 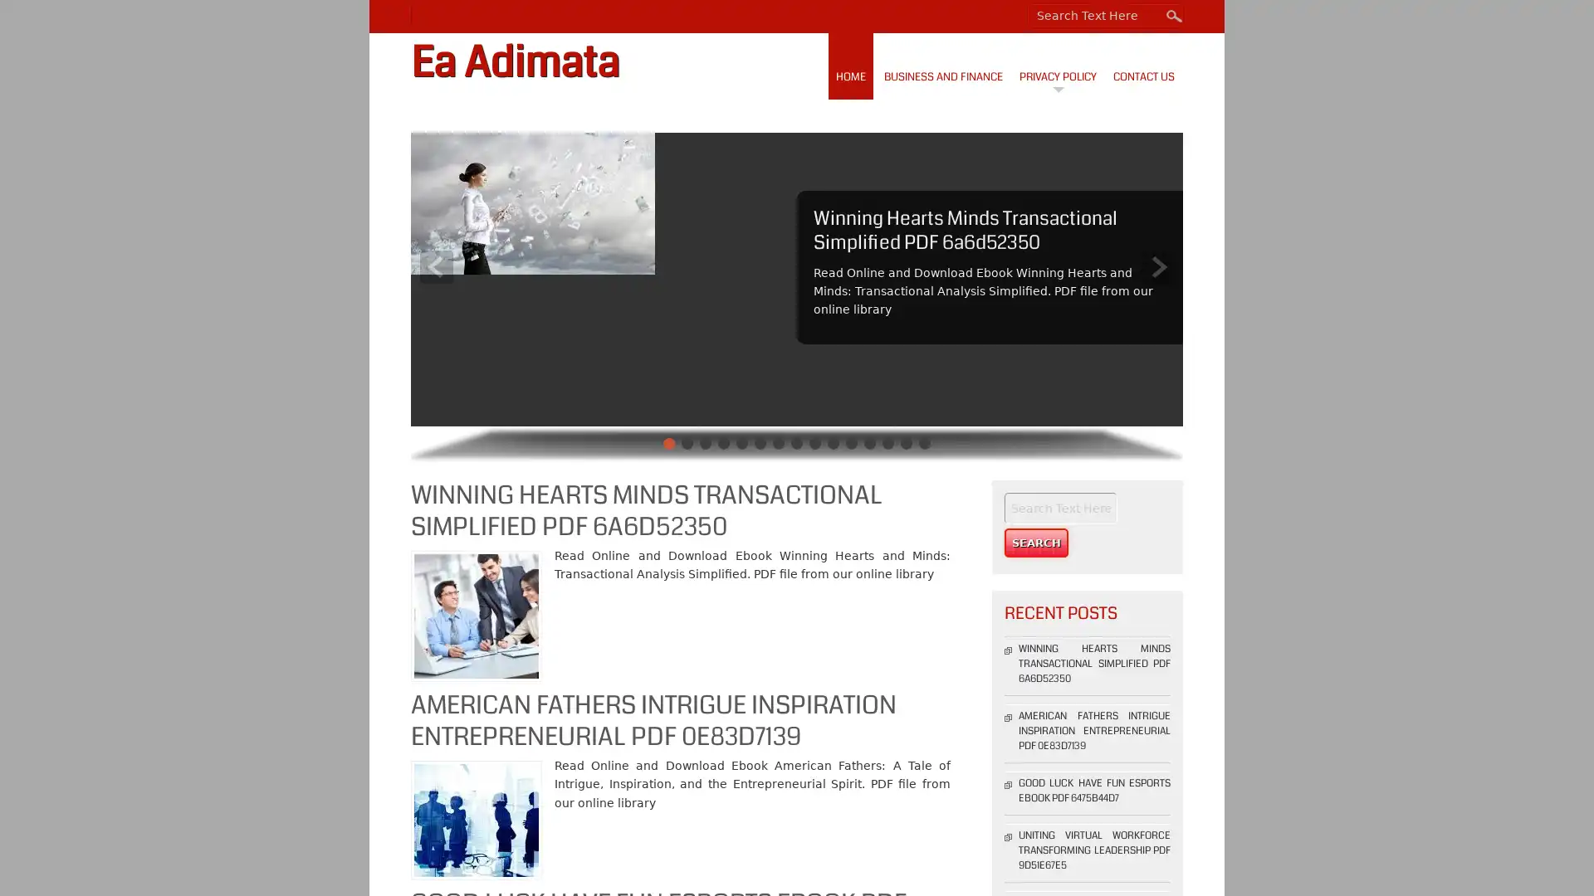 I want to click on Search, so click(x=1035, y=543).